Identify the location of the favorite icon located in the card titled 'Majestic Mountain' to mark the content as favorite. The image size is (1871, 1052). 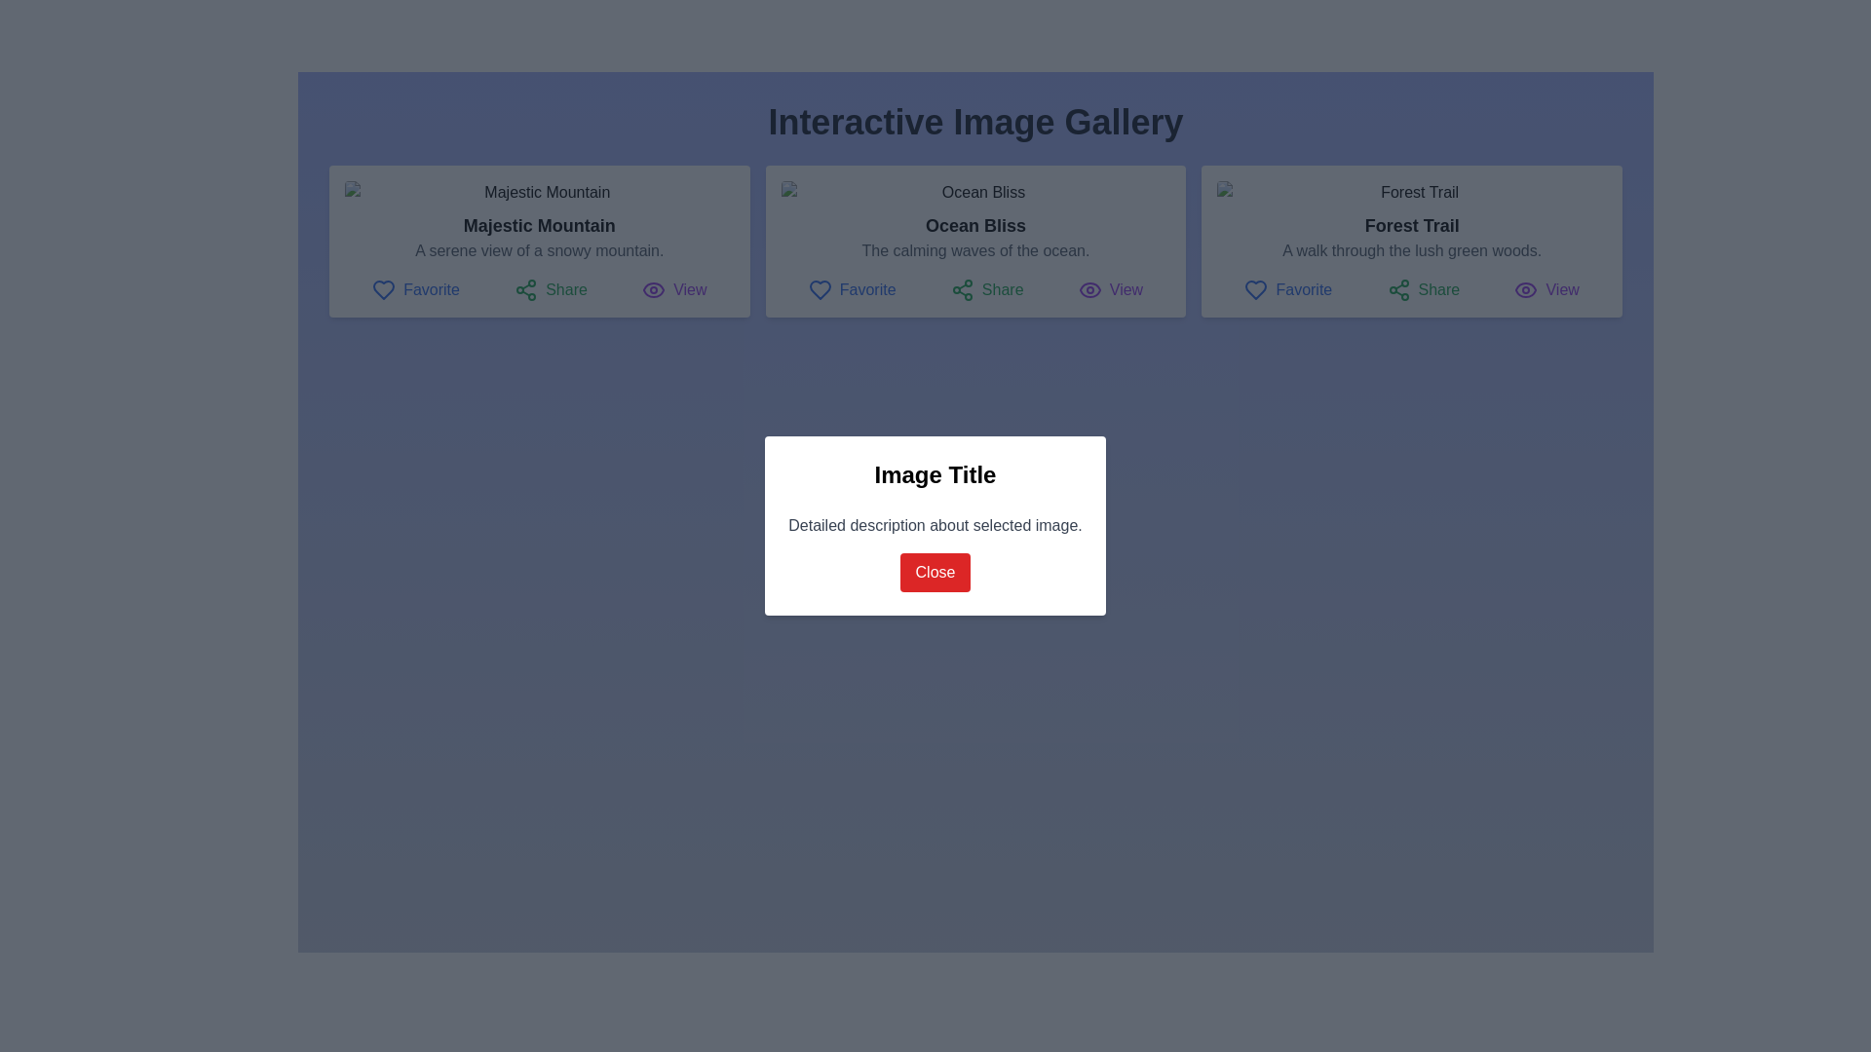
(384, 289).